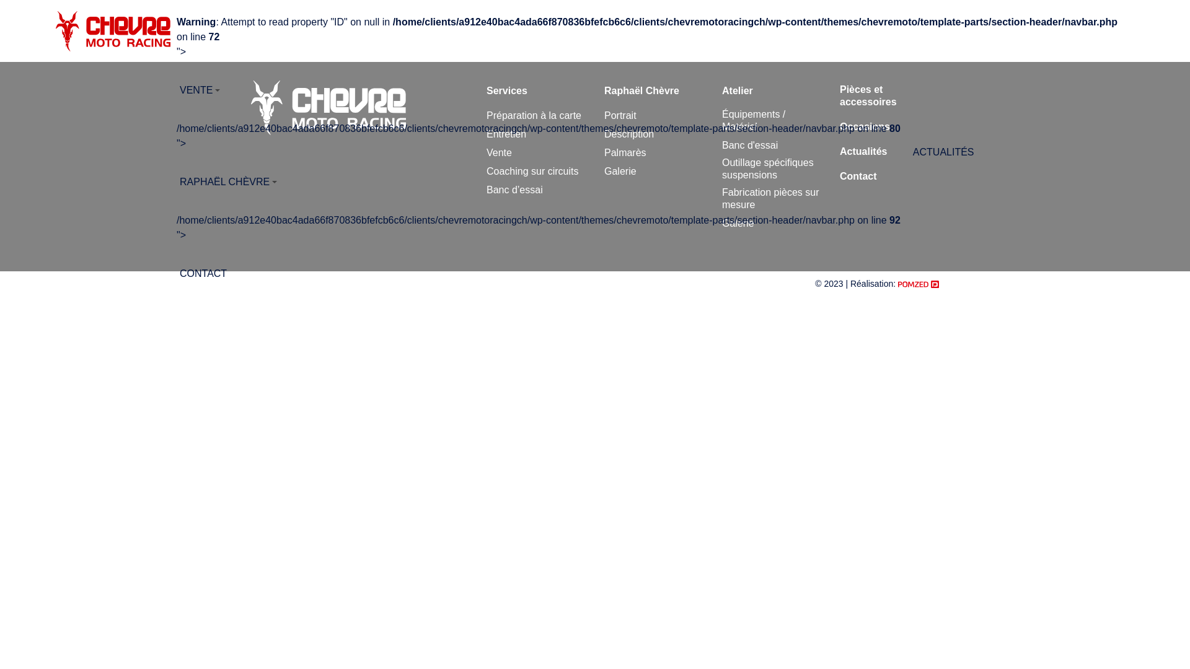  What do you see at coordinates (486, 90) in the screenshot?
I see `'Services'` at bounding box center [486, 90].